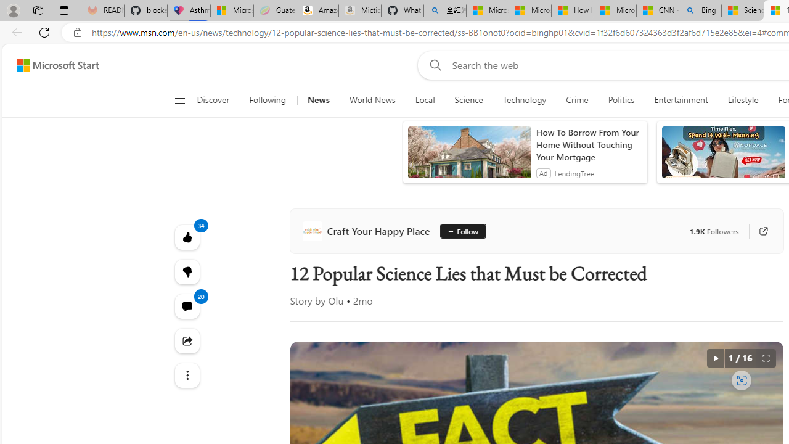 This screenshot has height=444, width=789. Describe the element at coordinates (179, 100) in the screenshot. I see `'Open navigation menu'` at that location.